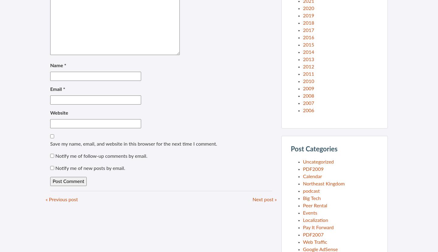 This screenshot has width=438, height=252. Describe the element at coordinates (308, 37) in the screenshot. I see `'2016'` at that location.